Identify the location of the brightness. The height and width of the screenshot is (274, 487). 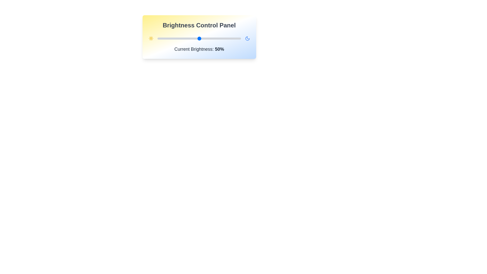
(167, 38).